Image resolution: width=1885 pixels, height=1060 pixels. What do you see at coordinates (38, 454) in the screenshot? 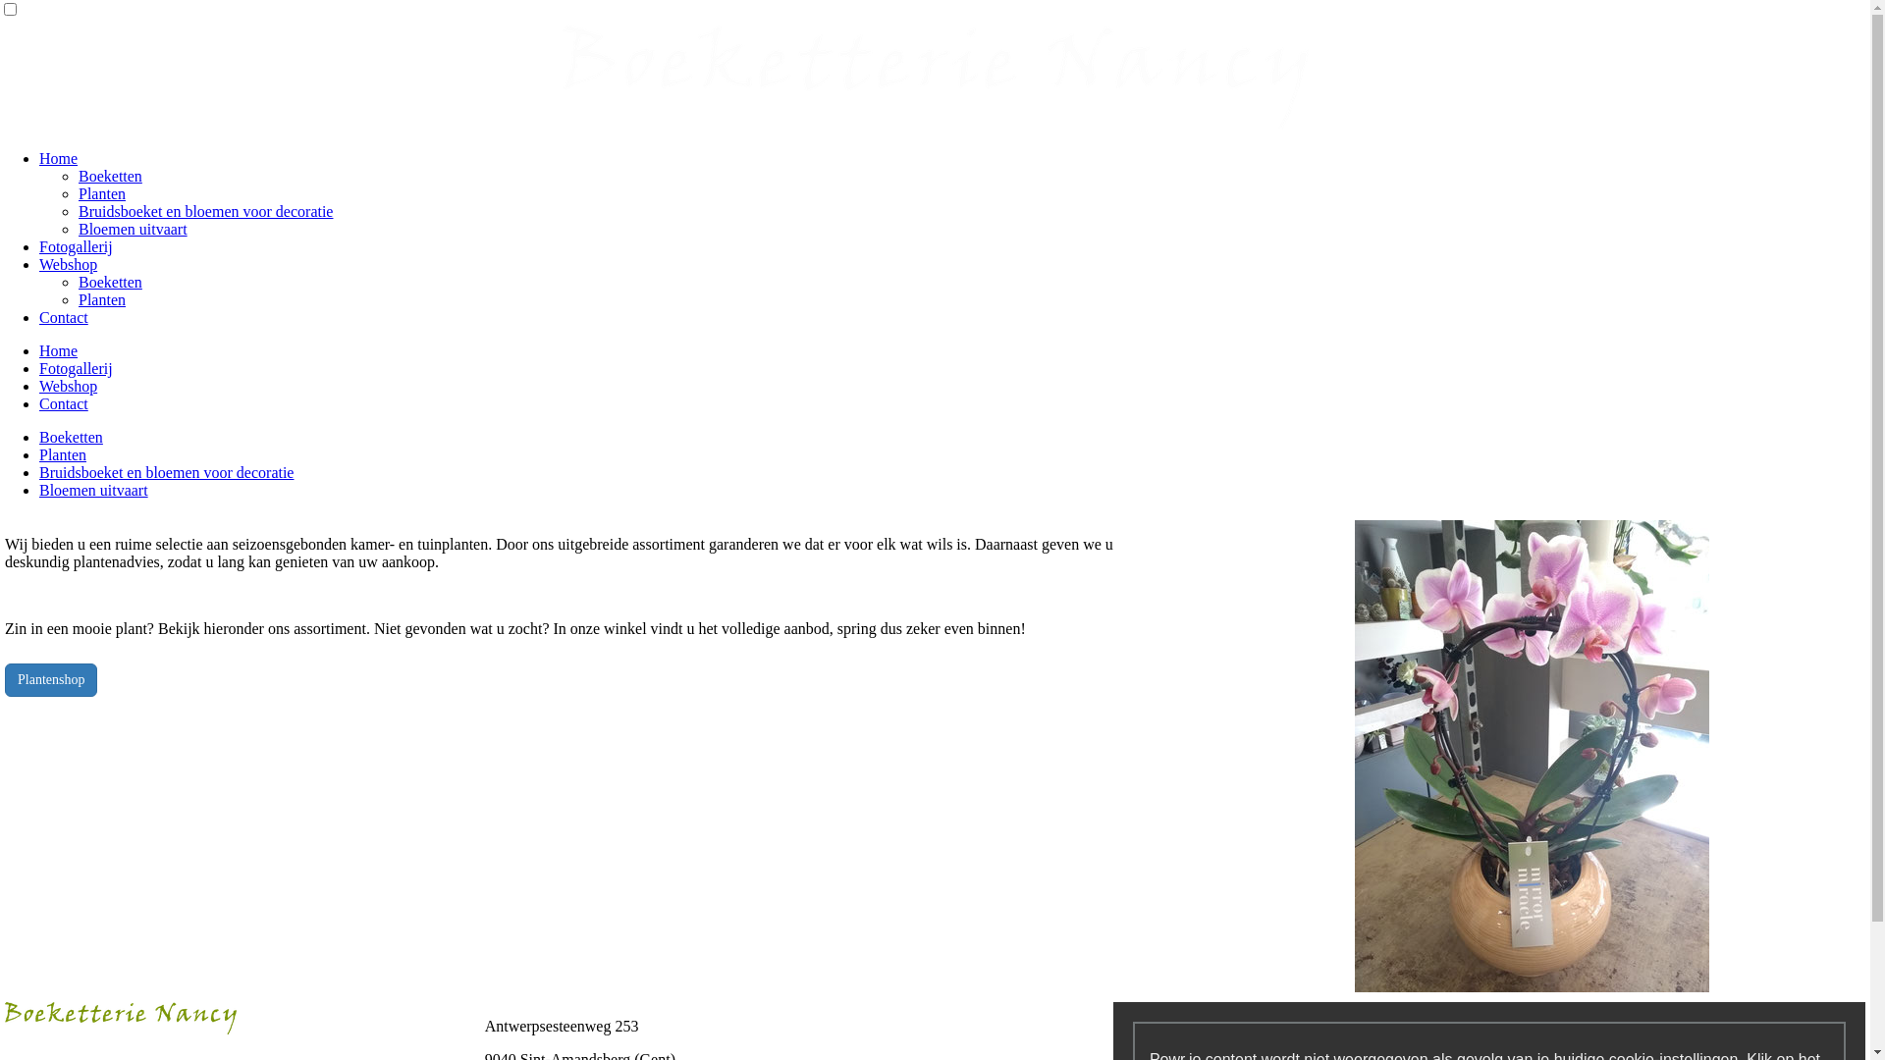
I see `'Planten'` at bounding box center [38, 454].